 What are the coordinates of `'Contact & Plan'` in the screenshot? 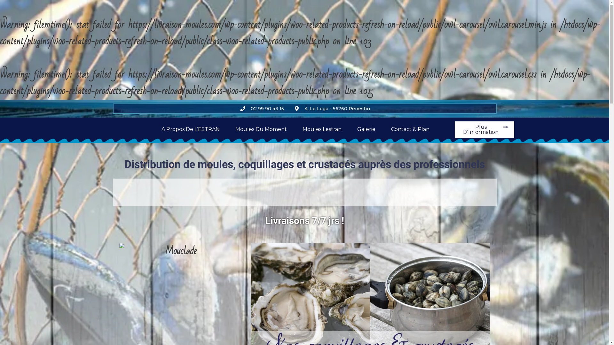 It's located at (410, 129).